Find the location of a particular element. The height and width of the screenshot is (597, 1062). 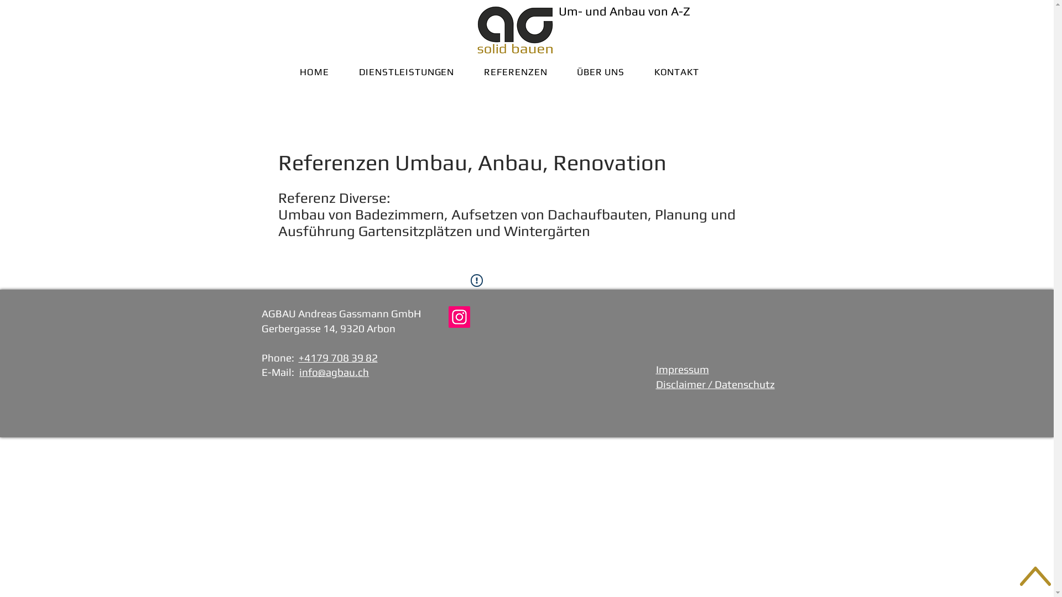

'DIENSTLEISTUNGEN' is located at coordinates (405, 72).